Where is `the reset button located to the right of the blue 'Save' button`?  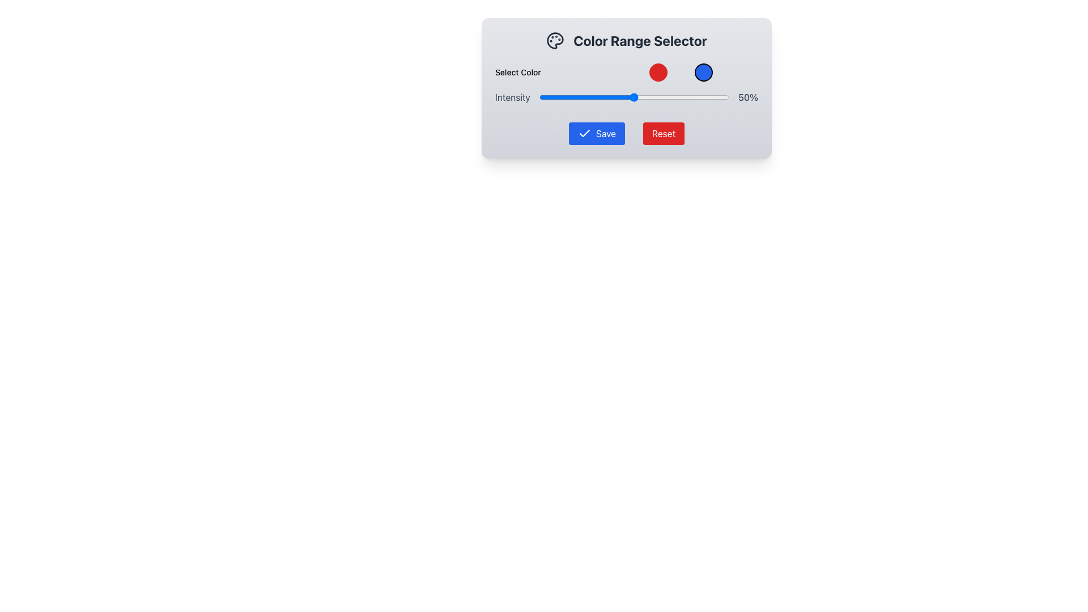
the reset button located to the right of the blue 'Save' button is located at coordinates (664, 133).